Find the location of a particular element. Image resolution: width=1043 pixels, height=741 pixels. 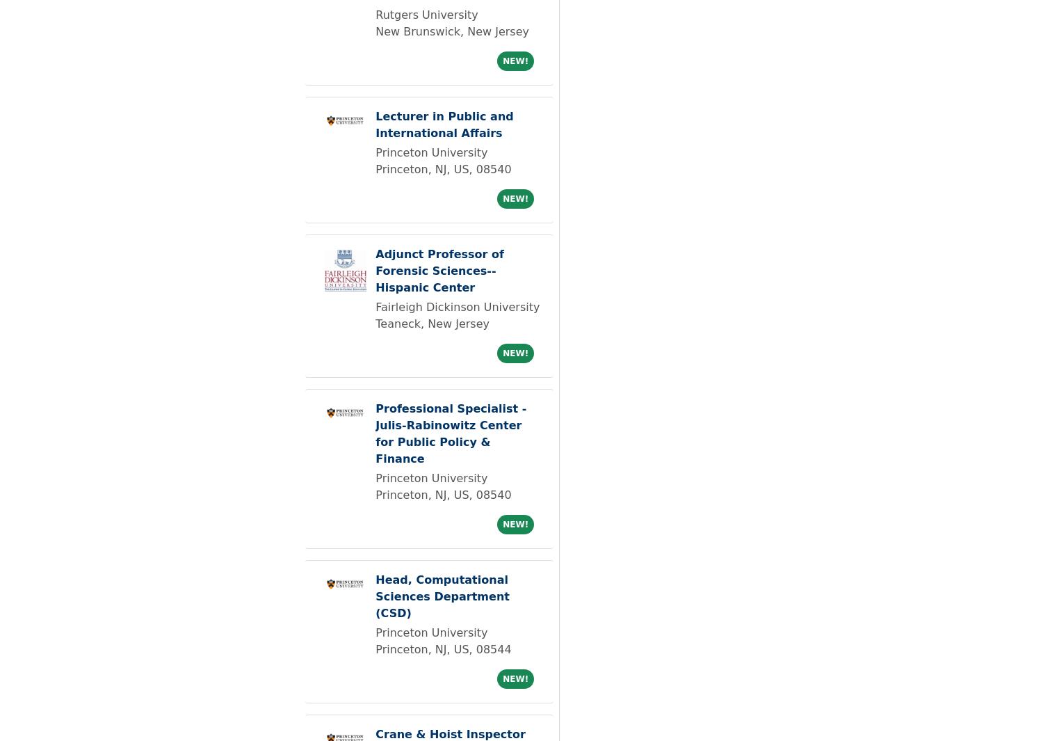

'Princeton, NJ, US, 08544' is located at coordinates (443, 649).